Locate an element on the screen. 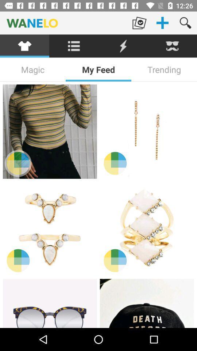 The width and height of the screenshot is (197, 351). the icon to the left of the my feed is located at coordinates (32, 69).